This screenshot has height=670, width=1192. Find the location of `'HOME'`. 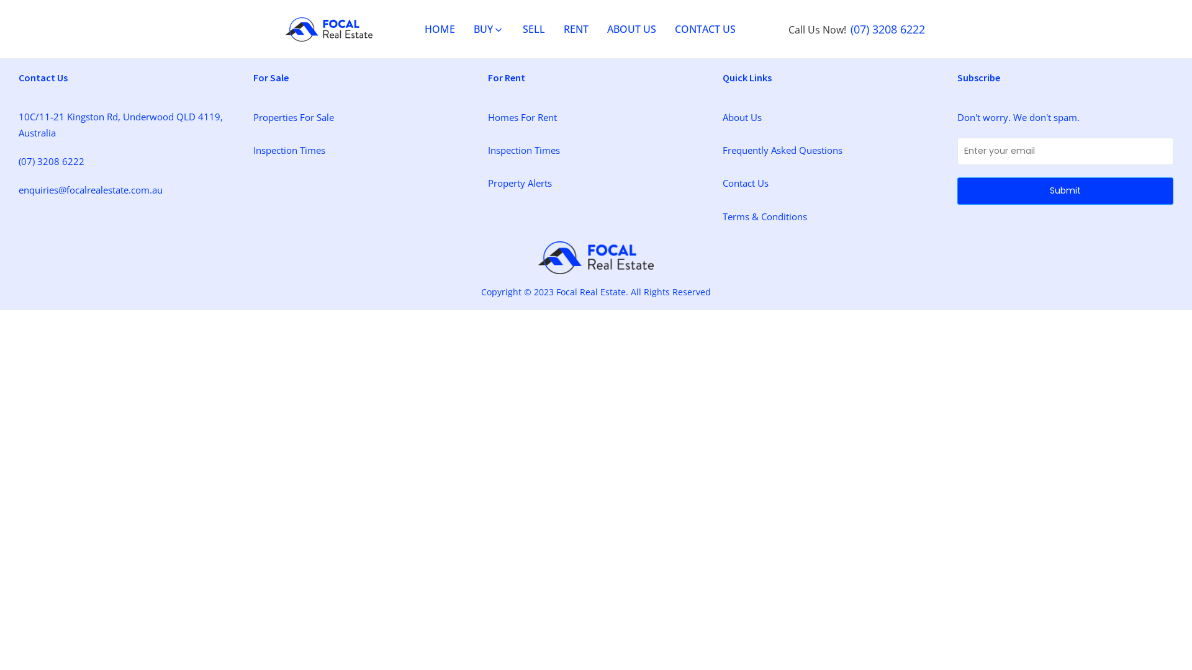

'HOME' is located at coordinates (440, 29).